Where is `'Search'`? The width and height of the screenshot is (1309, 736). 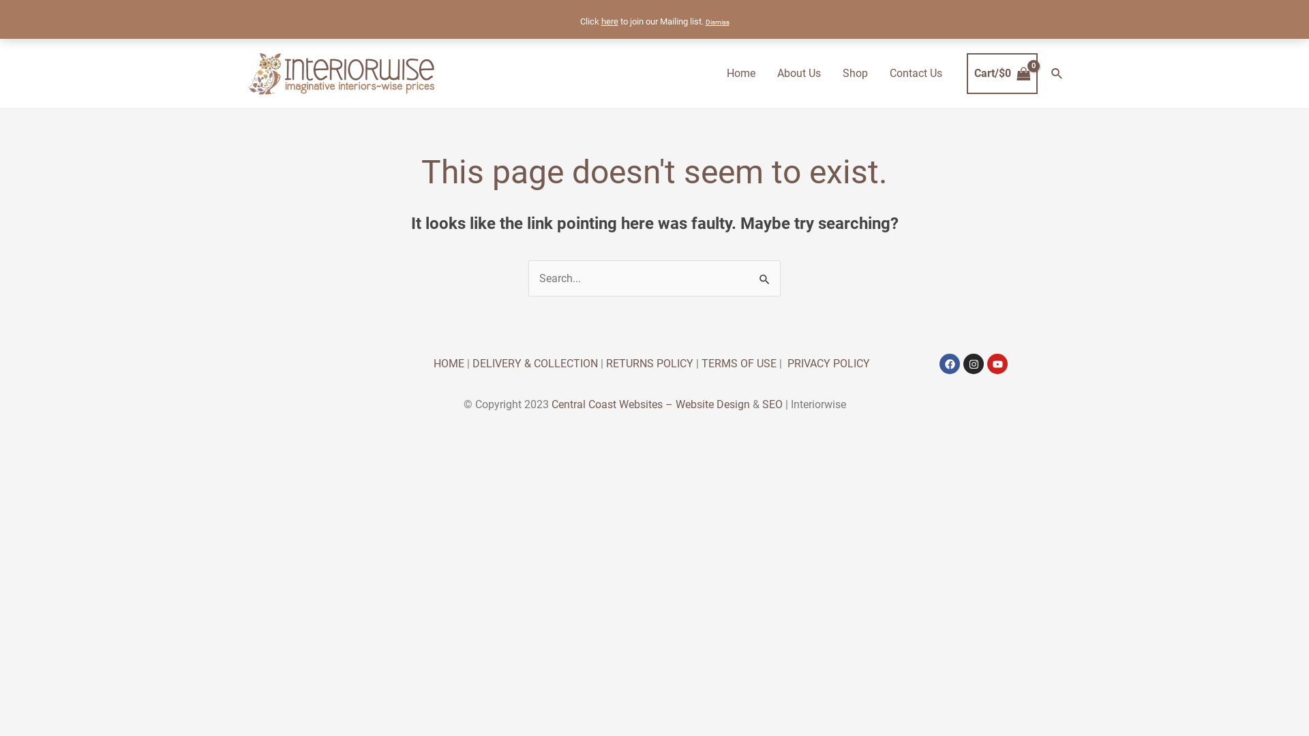 'Search' is located at coordinates (1056, 74).